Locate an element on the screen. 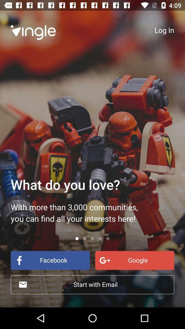 This screenshot has height=329, width=185. item above start with email is located at coordinates (135, 260).